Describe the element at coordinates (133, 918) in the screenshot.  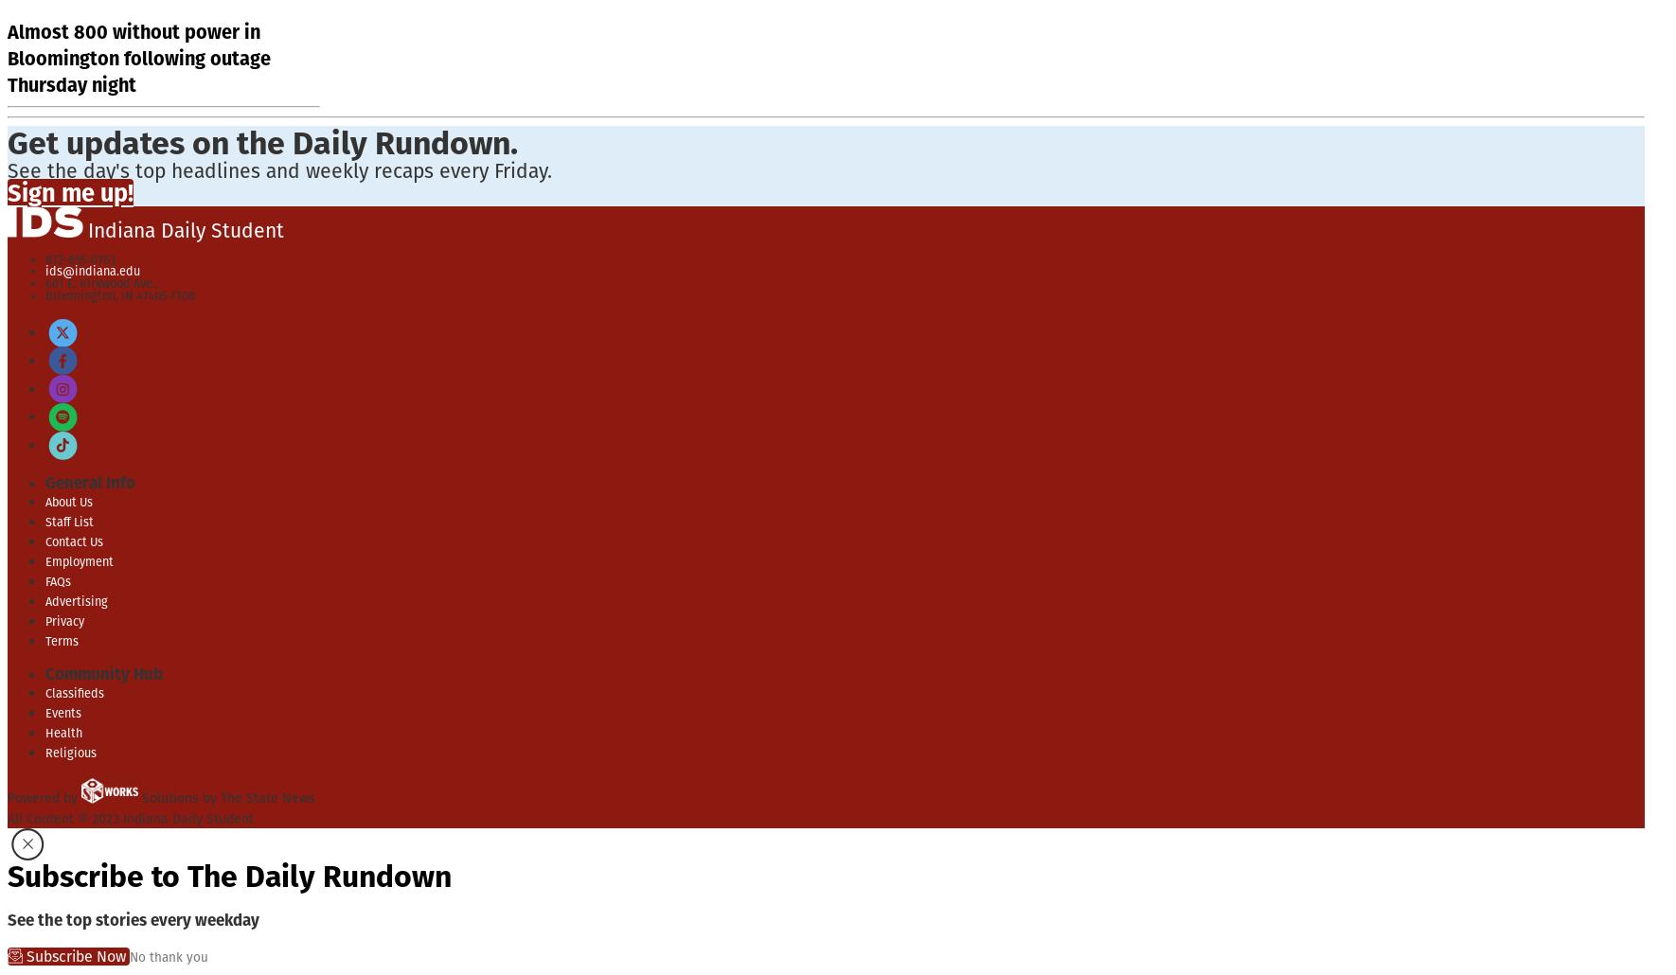
I see `'See the top stories every weekday'` at that location.